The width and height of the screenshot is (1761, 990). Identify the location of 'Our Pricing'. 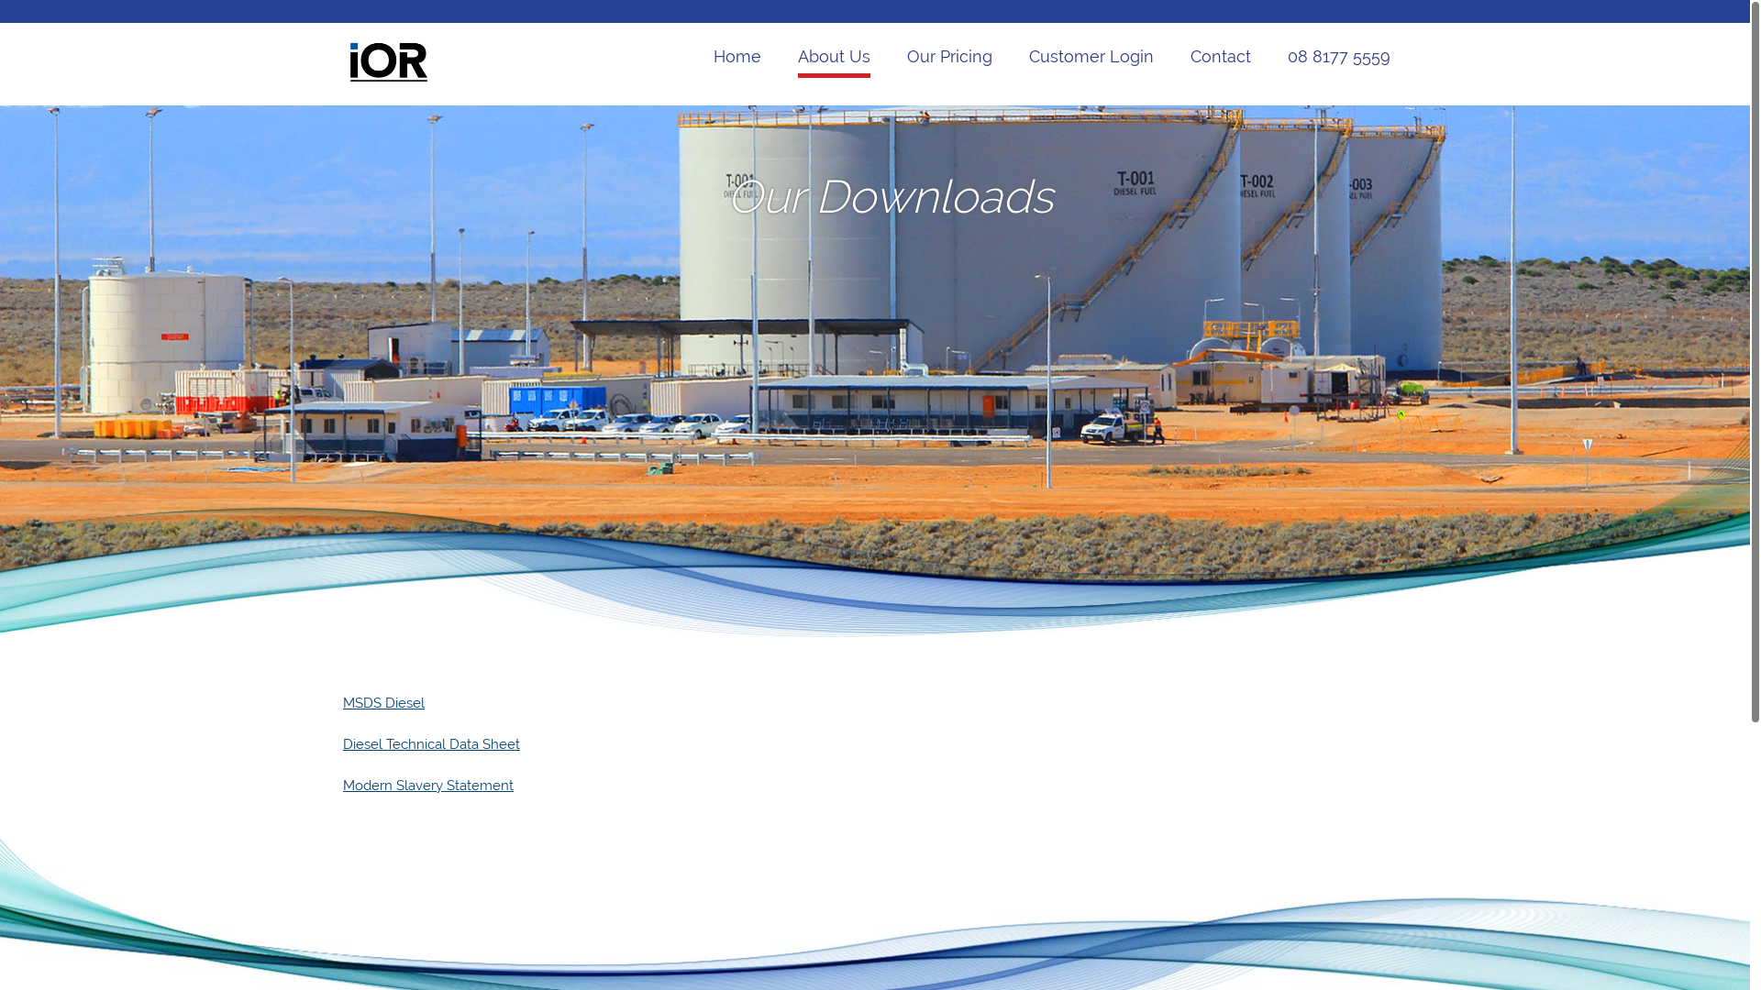
(949, 58).